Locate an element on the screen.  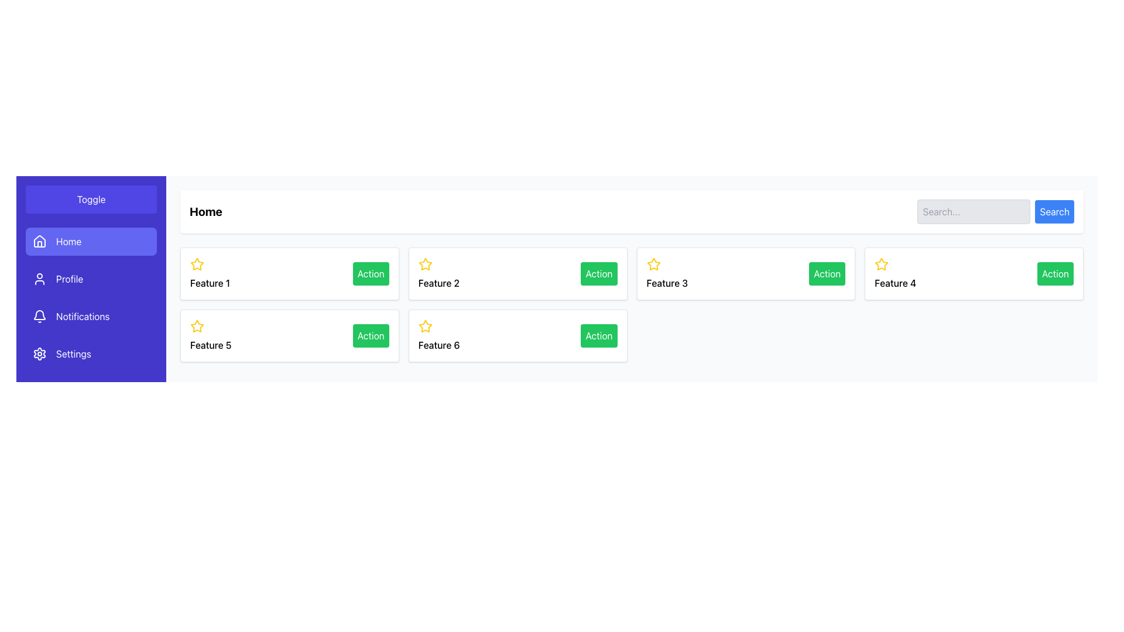
the door-like component of the house icon in the sidebar, which is styled with vector graphic attributes and is centered within the house figure in the navigation menu is located at coordinates (39, 243).